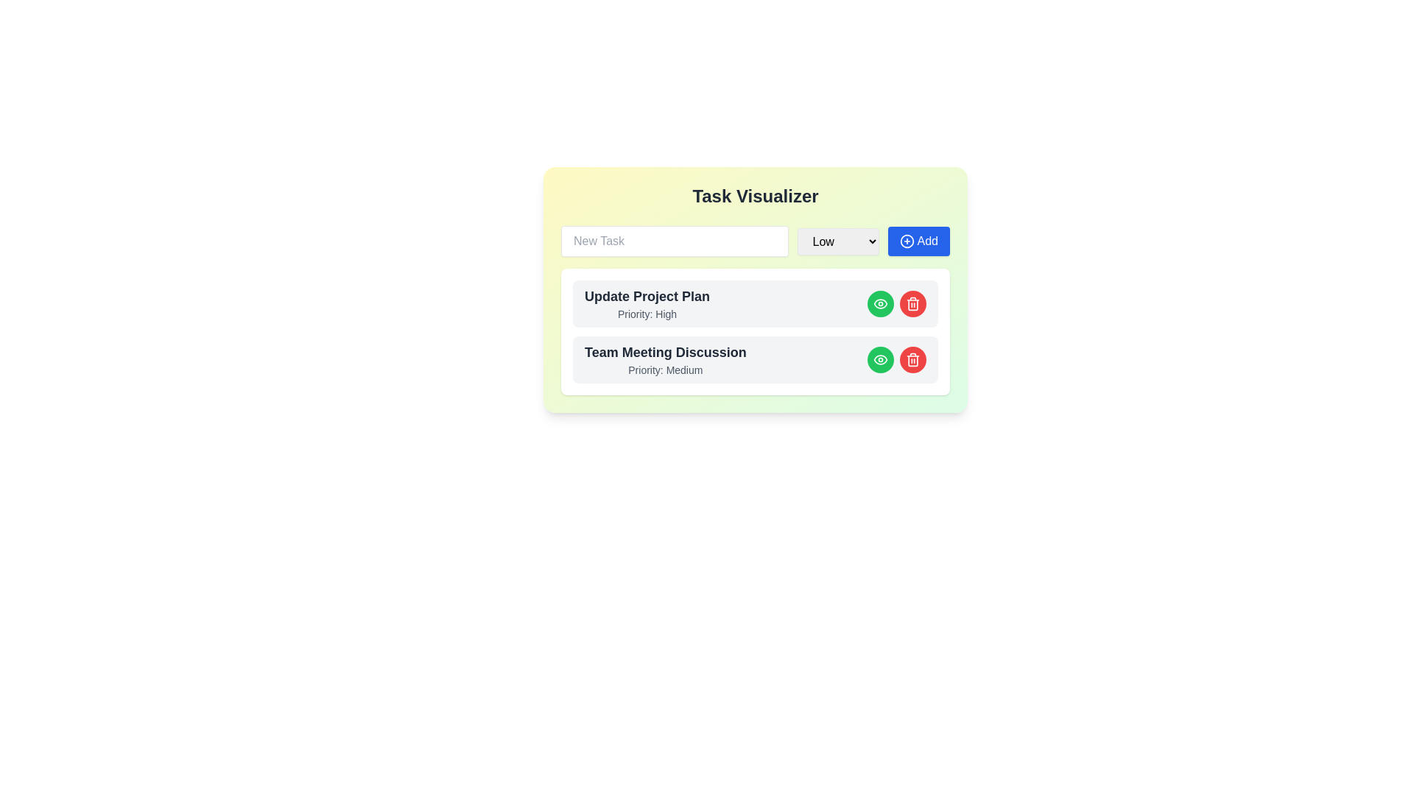  What do you see at coordinates (912, 303) in the screenshot?
I see `the body of the trash icon which symbolizes the delete action, if it is navigationally selectable` at bounding box center [912, 303].